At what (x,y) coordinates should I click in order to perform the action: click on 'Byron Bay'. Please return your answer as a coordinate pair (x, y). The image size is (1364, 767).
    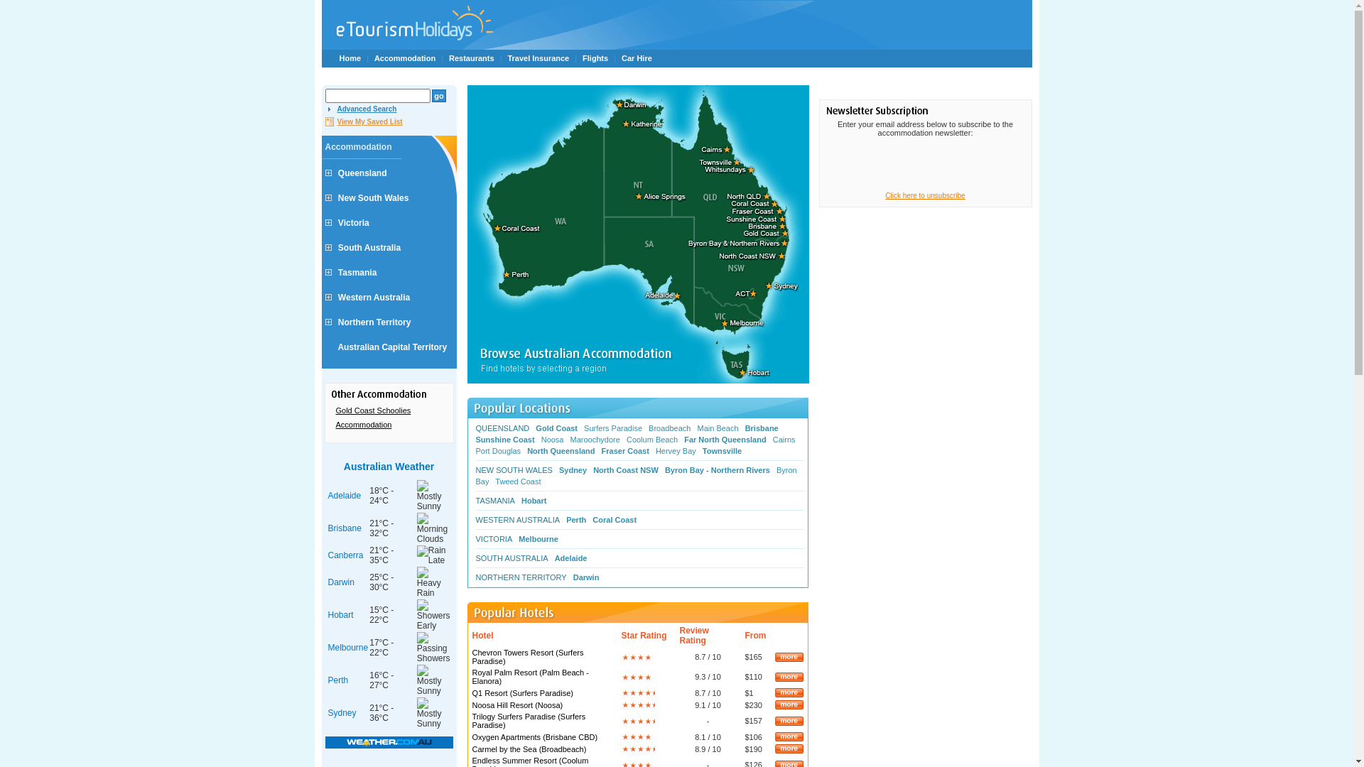
    Looking at the image, I should click on (636, 476).